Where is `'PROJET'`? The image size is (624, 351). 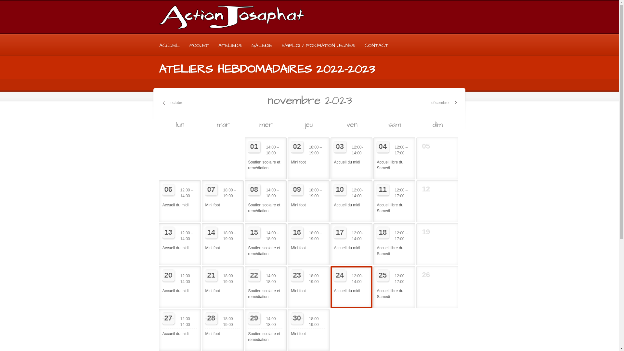 'PROJET' is located at coordinates (184, 45).